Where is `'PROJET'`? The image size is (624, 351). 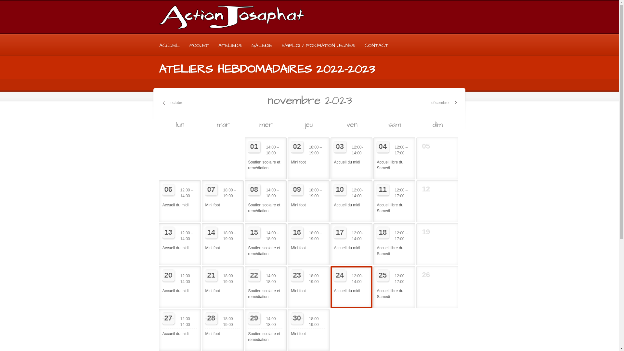 'PROJET' is located at coordinates (184, 45).